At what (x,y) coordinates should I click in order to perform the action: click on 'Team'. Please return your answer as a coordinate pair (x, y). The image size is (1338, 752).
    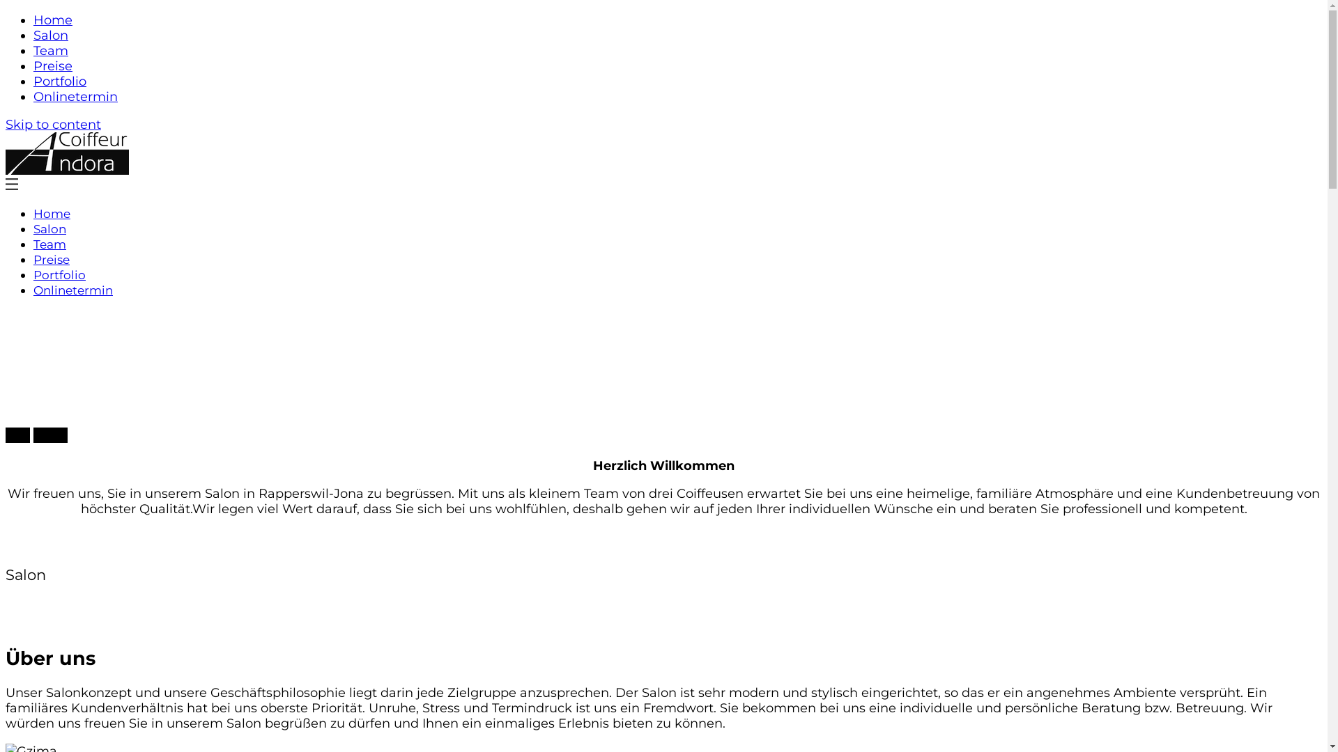
    Looking at the image, I should click on (49, 244).